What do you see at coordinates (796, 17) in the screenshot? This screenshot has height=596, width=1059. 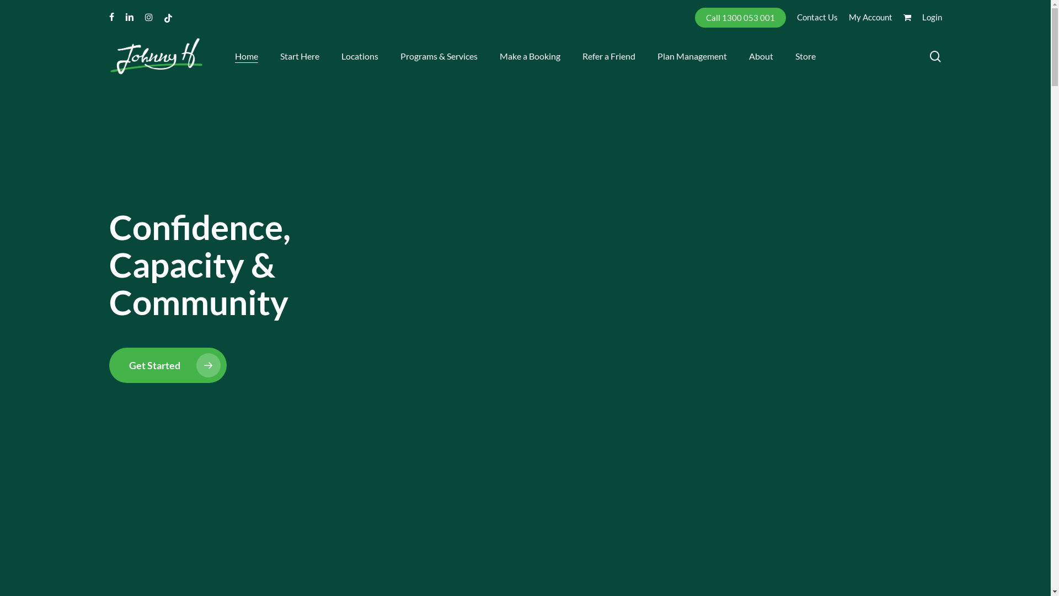 I see `'Contact Us'` at bounding box center [796, 17].